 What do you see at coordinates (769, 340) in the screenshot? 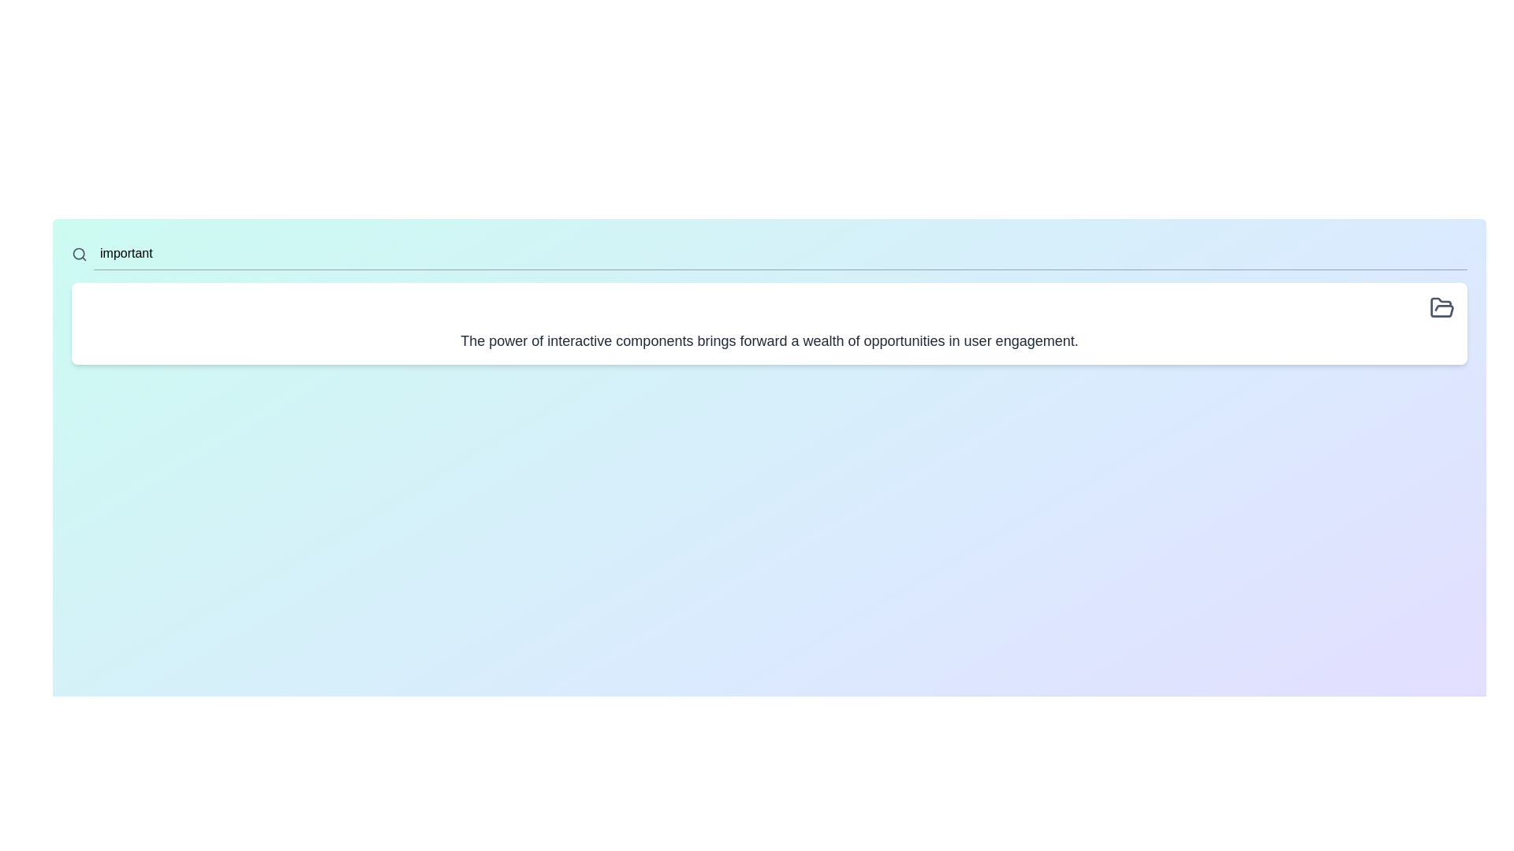
I see `the centered static text that reads, "The power of interactive components brings forward a wealth of opportunities in user engagement."` at bounding box center [769, 340].